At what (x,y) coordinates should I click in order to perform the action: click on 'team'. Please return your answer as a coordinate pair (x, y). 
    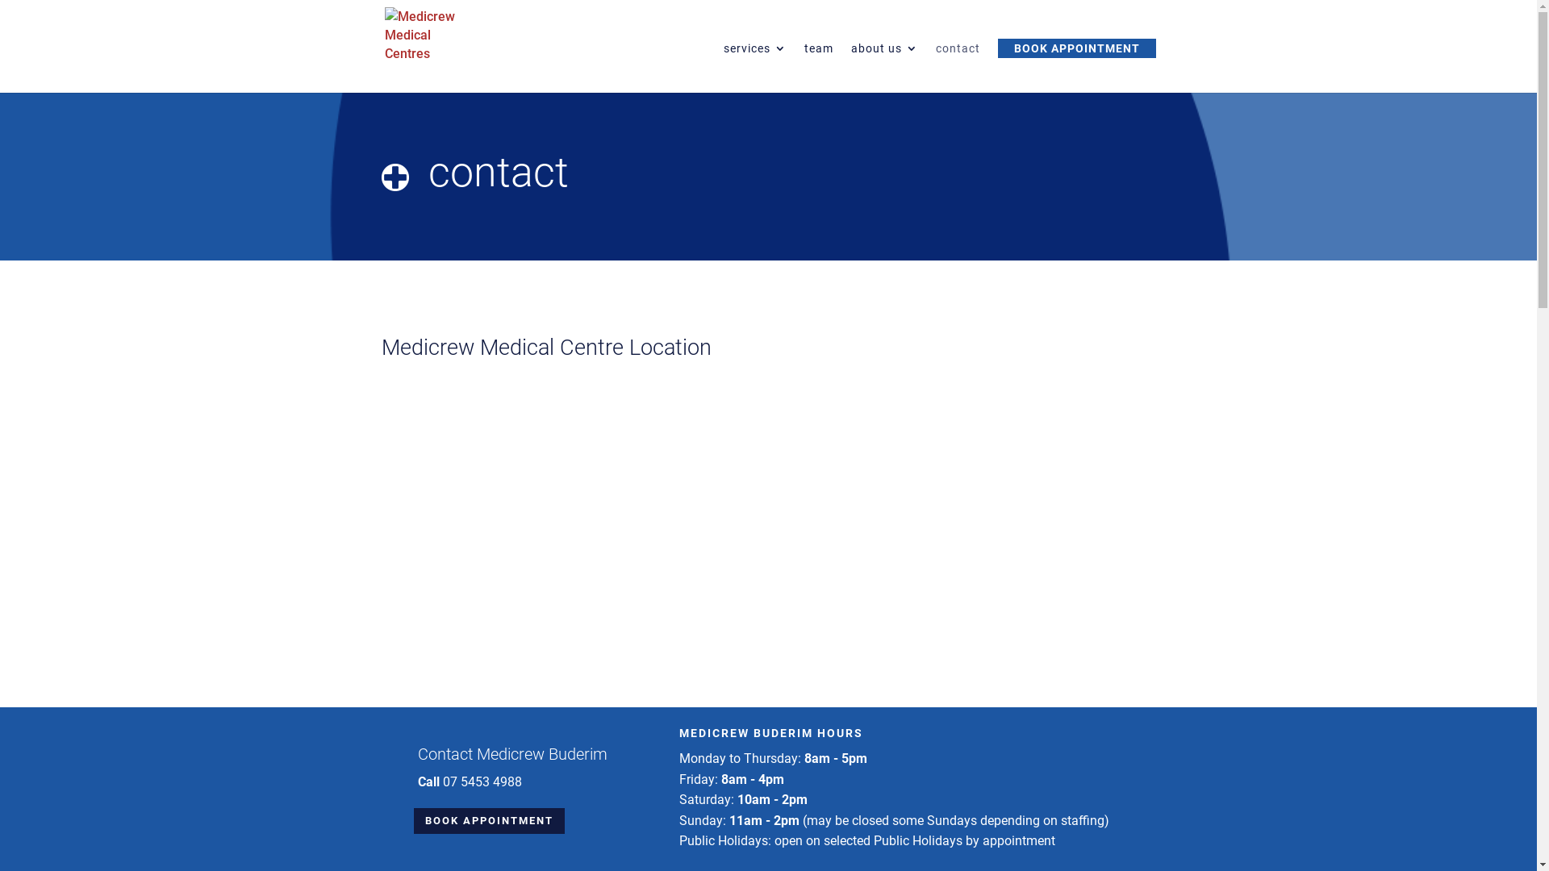
    Looking at the image, I should click on (804, 67).